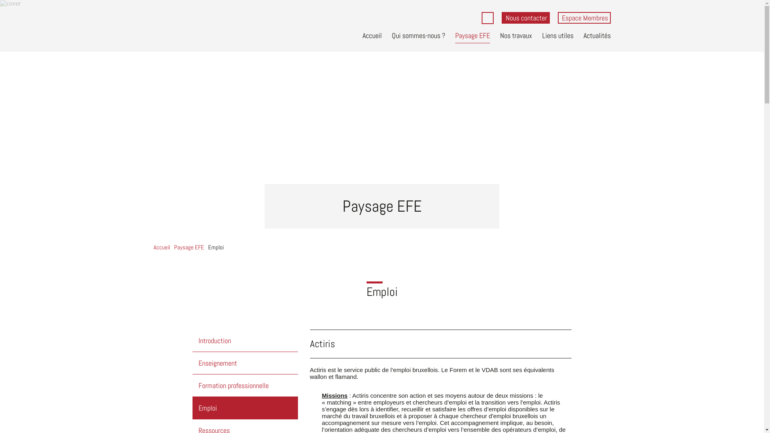 This screenshot has width=770, height=433. What do you see at coordinates (215, 247) in the screenshot?
I see `'Emploi'` at bounding box center [215, 247].